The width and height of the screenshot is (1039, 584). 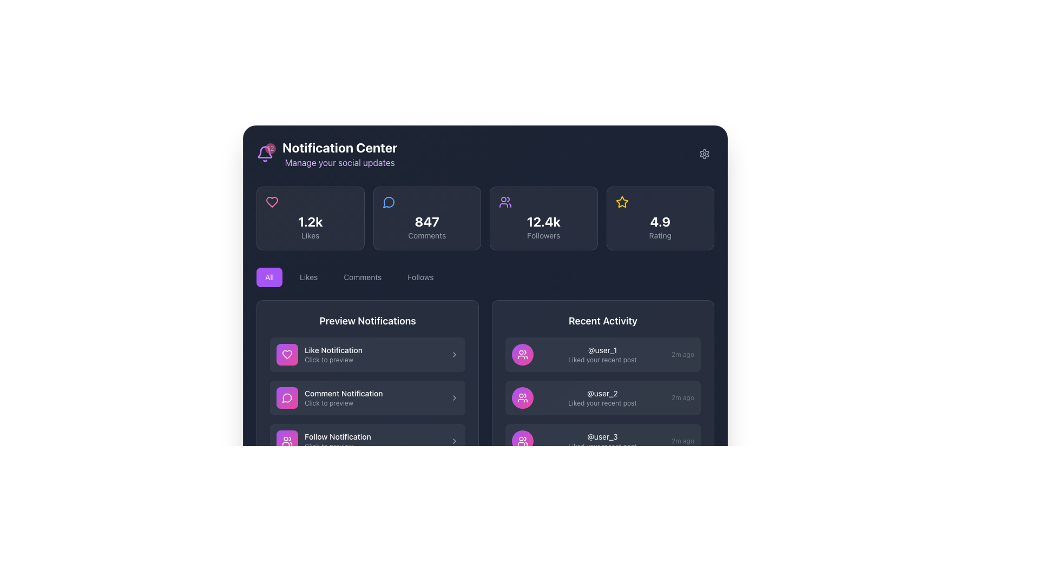 I want to click on the icon representing a group of users or followers within the 'Preview Notifications' section, which is characterized by a white user icon on a purple-to-pink gradient background, so click(x=287, y=441).